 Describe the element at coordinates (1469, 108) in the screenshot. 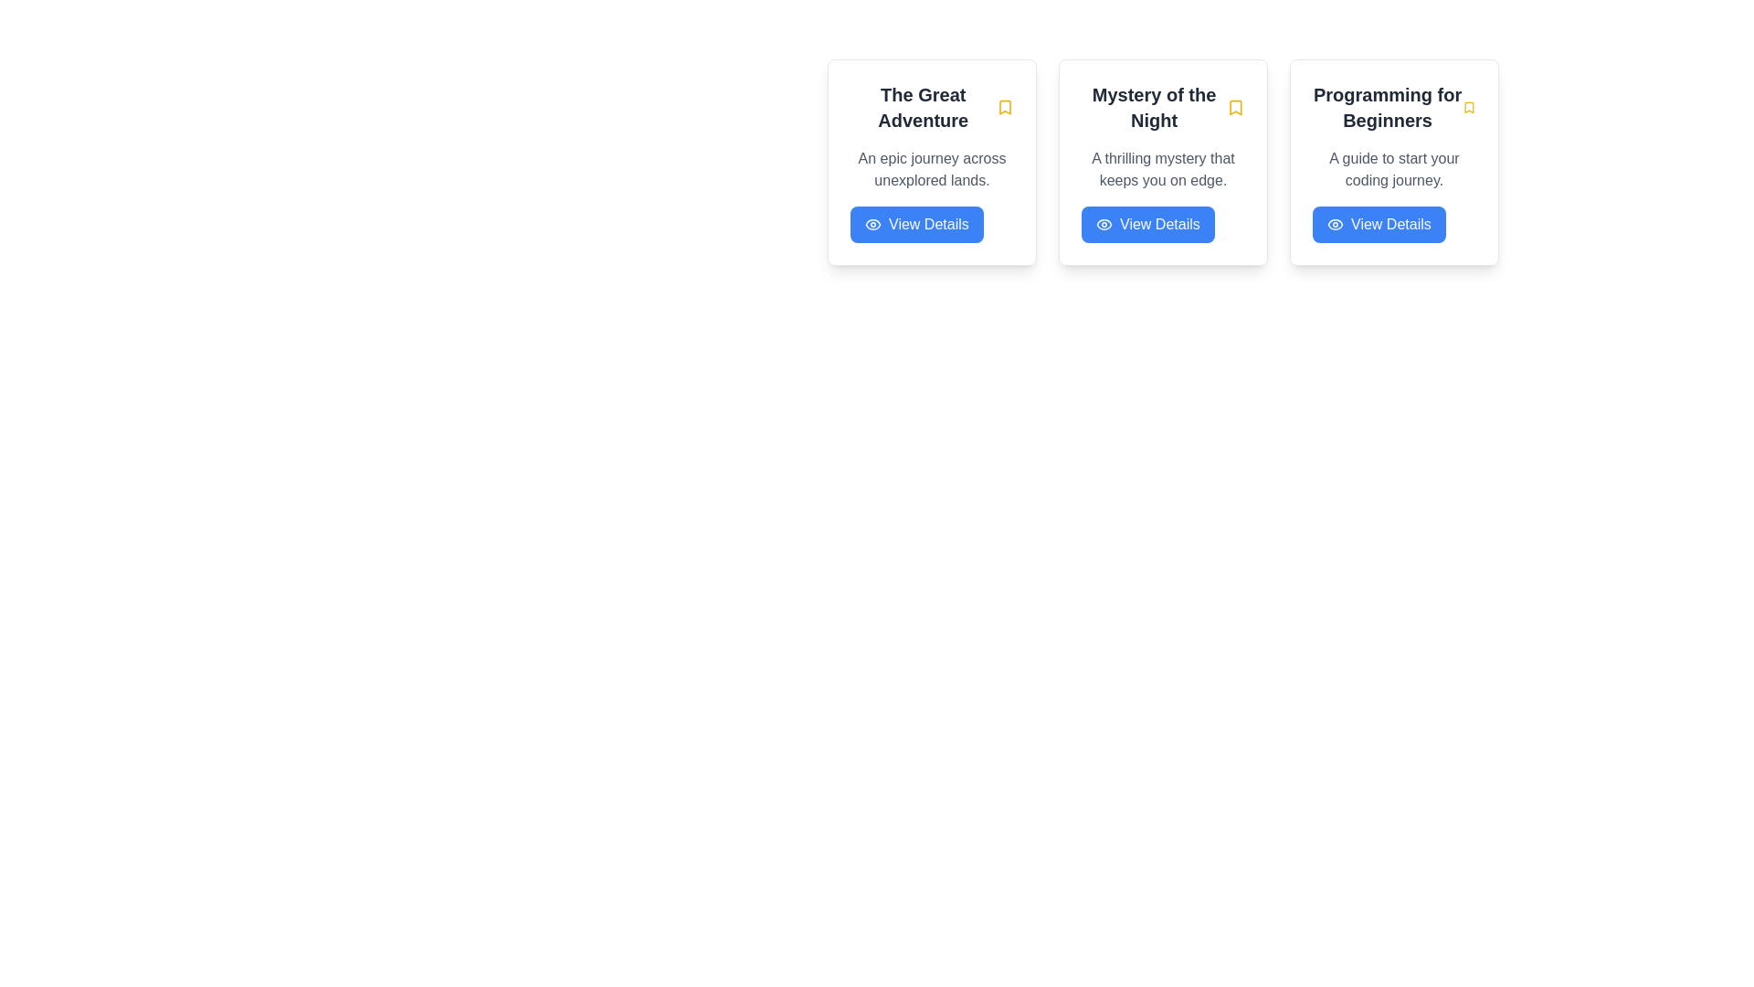

I see `the bookmarking icon located in the upper-right corner of the 'Programming for Beginners' card` at that location.